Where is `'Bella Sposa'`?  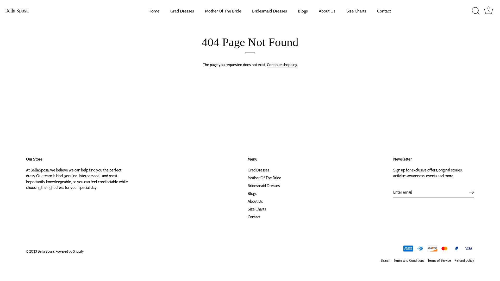 'Bella Sposa' is located at coordinates (46, 251).